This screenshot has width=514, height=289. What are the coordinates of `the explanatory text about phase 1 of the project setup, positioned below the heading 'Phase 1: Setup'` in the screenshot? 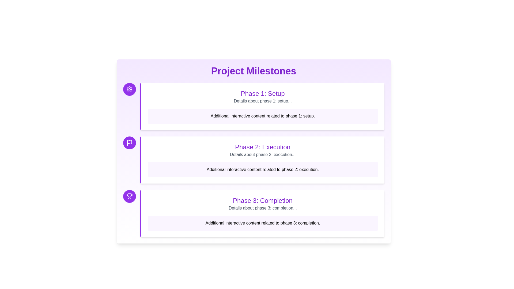 It's located at (263, 101).